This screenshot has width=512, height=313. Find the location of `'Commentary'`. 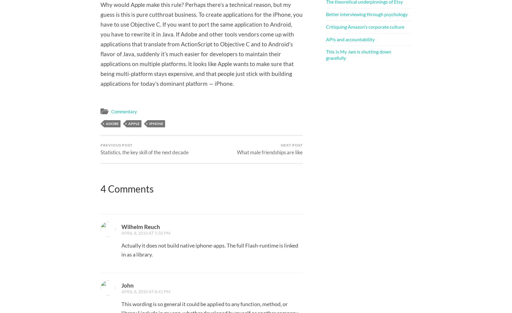

'Commentary' is located at coordinates (124, 112).